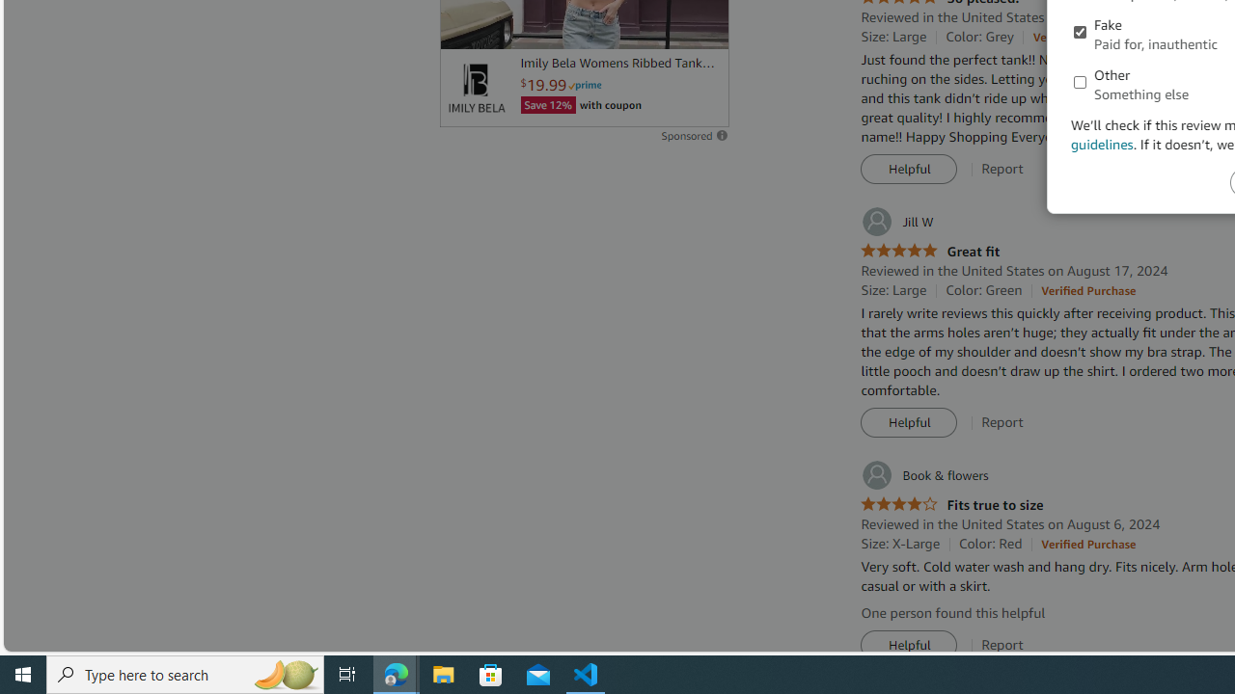 Image resolution: width=1235 pixels, height=694 pixels. Describe the element at coordinates (895, 221) in the screenshot. I see `'Jill W'` at that location.